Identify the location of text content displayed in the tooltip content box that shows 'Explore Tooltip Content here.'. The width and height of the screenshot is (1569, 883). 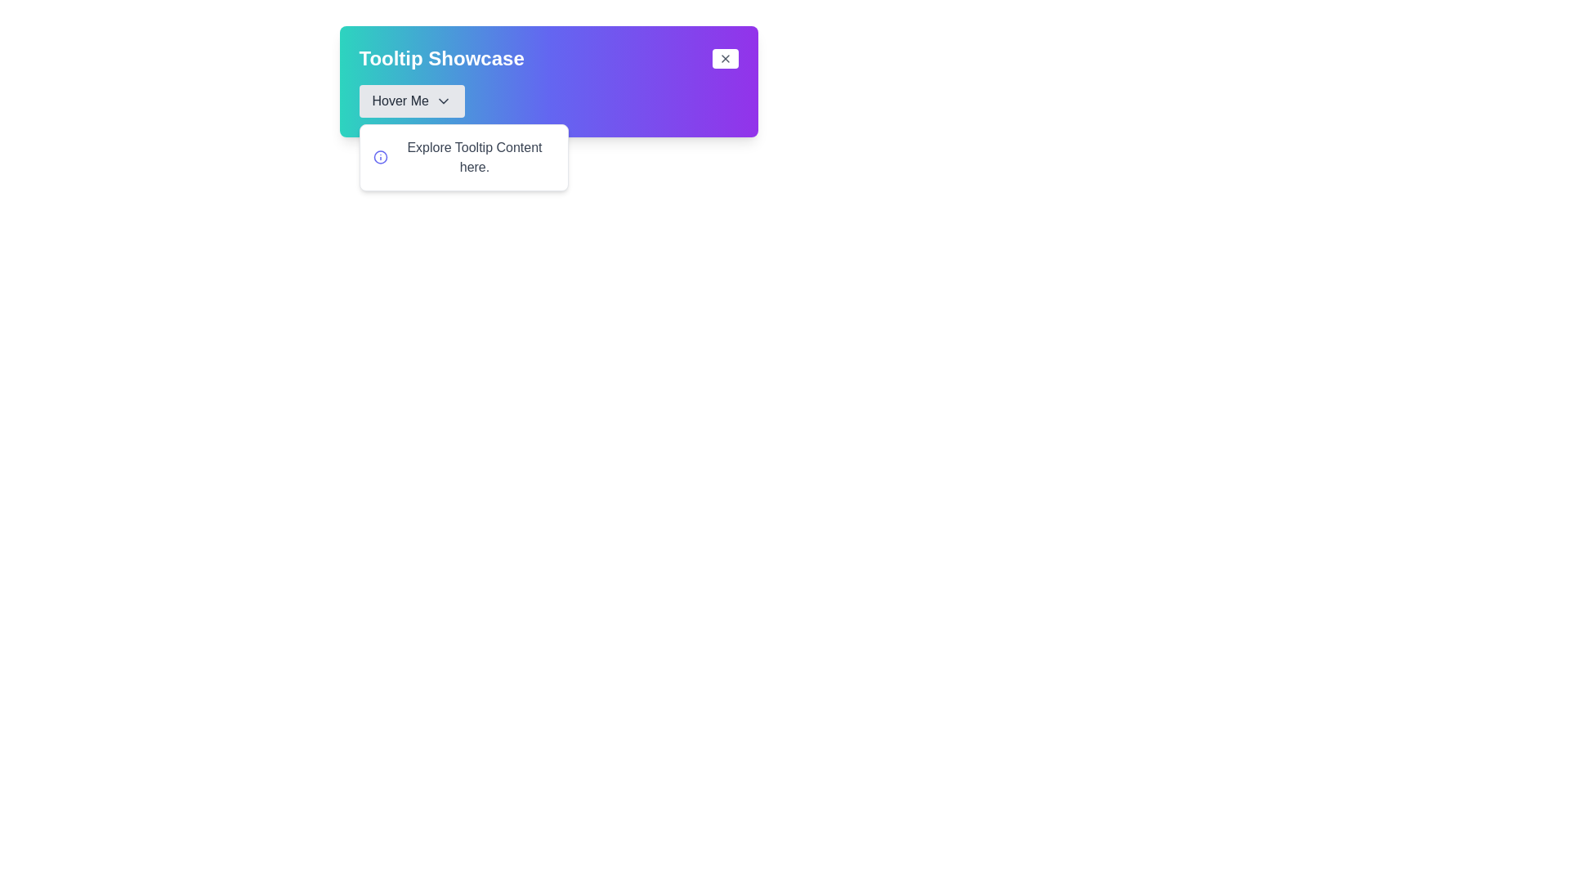
(473, 157).